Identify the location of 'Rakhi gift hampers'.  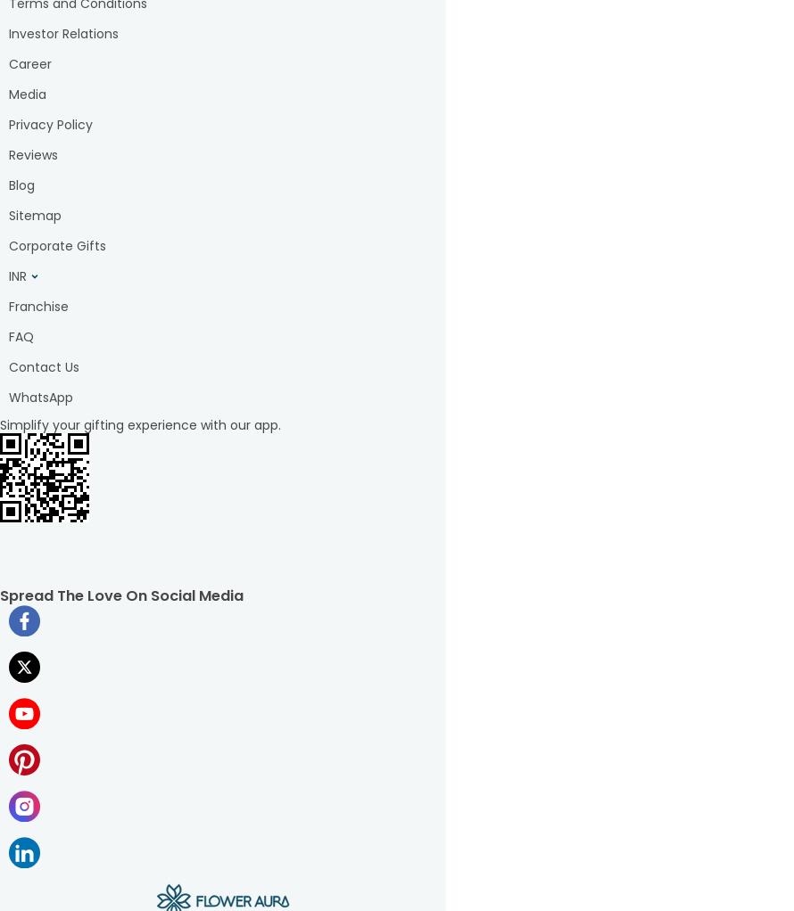
(315, 305).